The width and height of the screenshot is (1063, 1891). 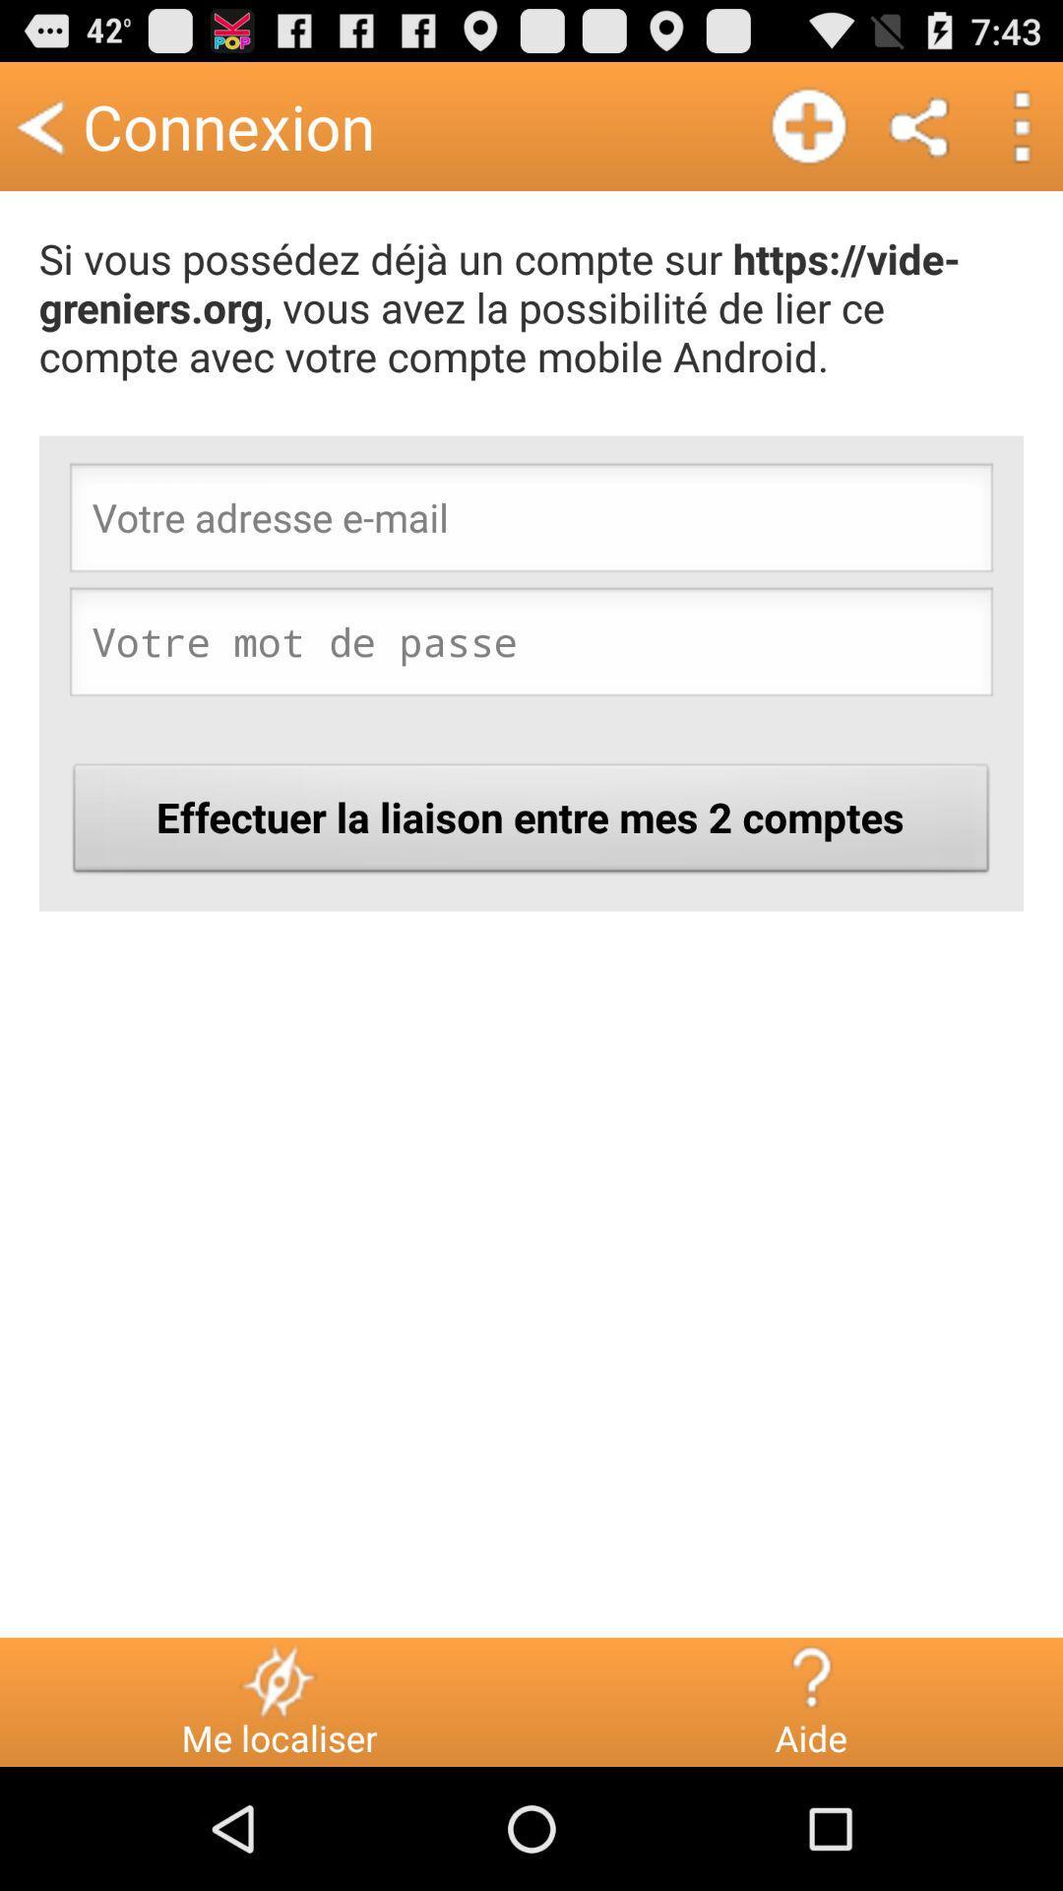 What do you see at coordinates (531, 647) in the screenshot?
I see `the item above effectuer la liaison button` at bounding box center [531, 647].